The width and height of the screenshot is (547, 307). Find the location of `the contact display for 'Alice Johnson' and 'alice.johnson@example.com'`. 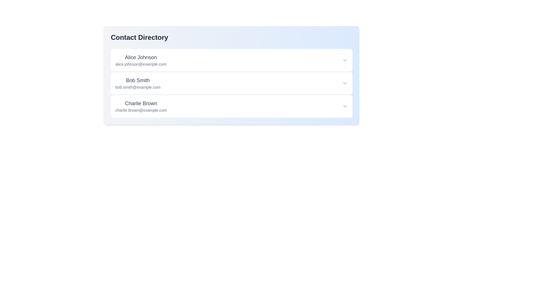

the contact display for 'Alice Johnson' and 'alice.johnson@example.com' is located at coordinates (141, 60).